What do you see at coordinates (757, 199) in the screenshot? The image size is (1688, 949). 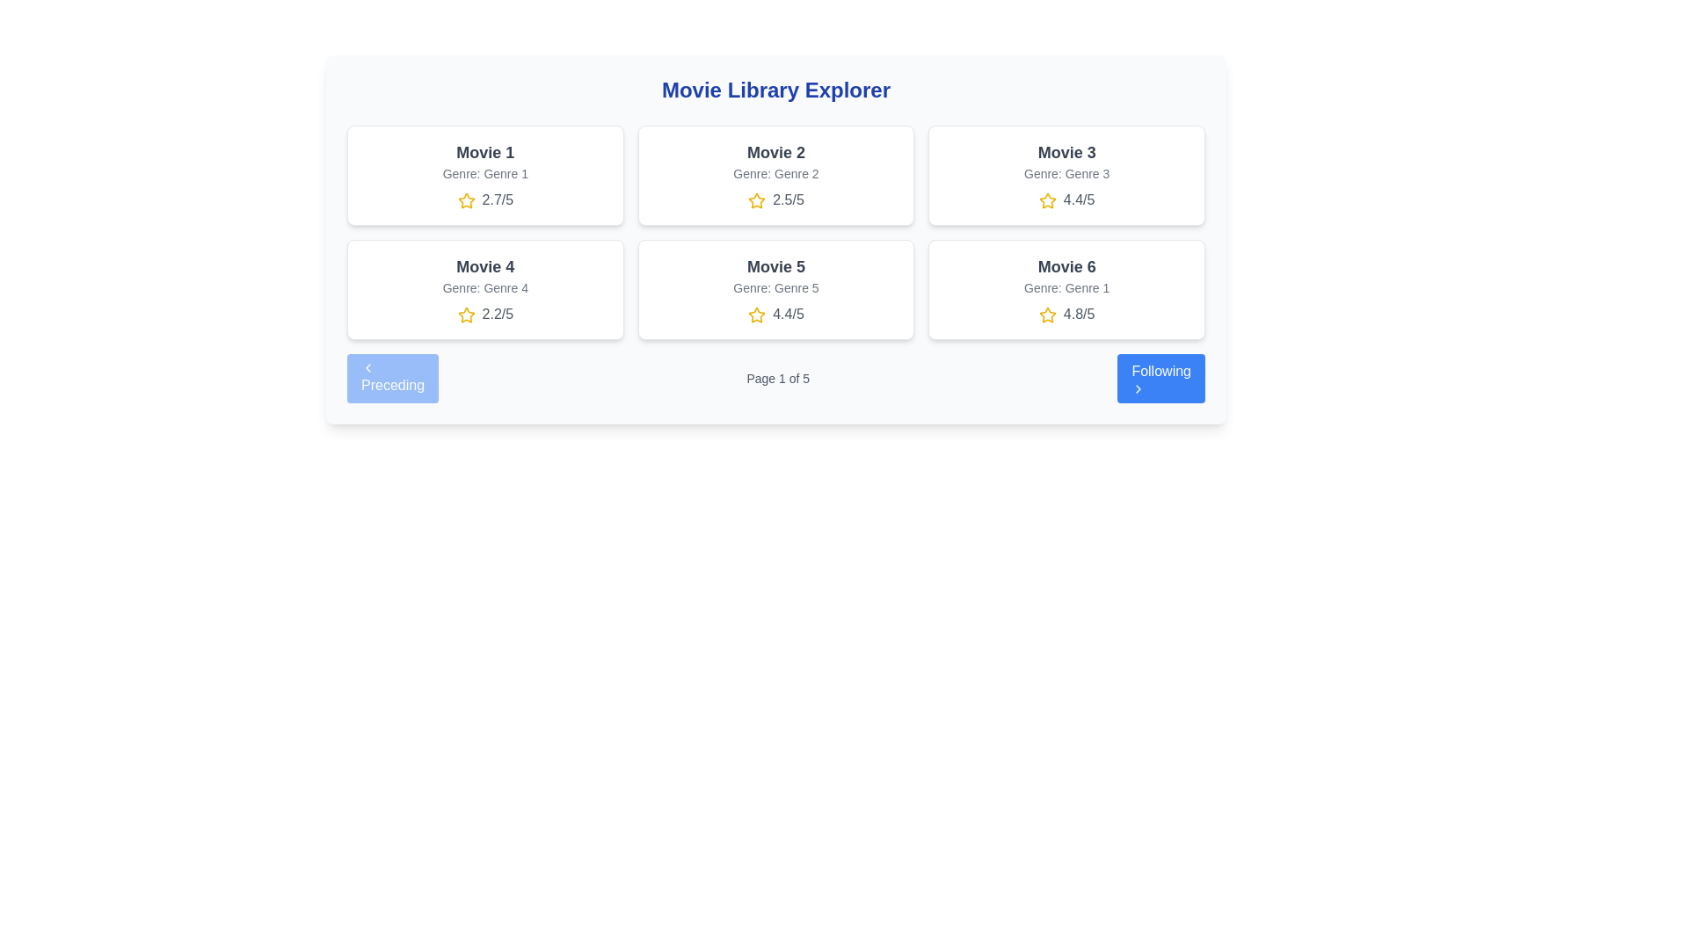 I see `the star-shaped rating icon for 'Movie 2', which is yellow with a hollow center, located directly below 'Genre: Genre 2'` at bounding box center [757, 199].